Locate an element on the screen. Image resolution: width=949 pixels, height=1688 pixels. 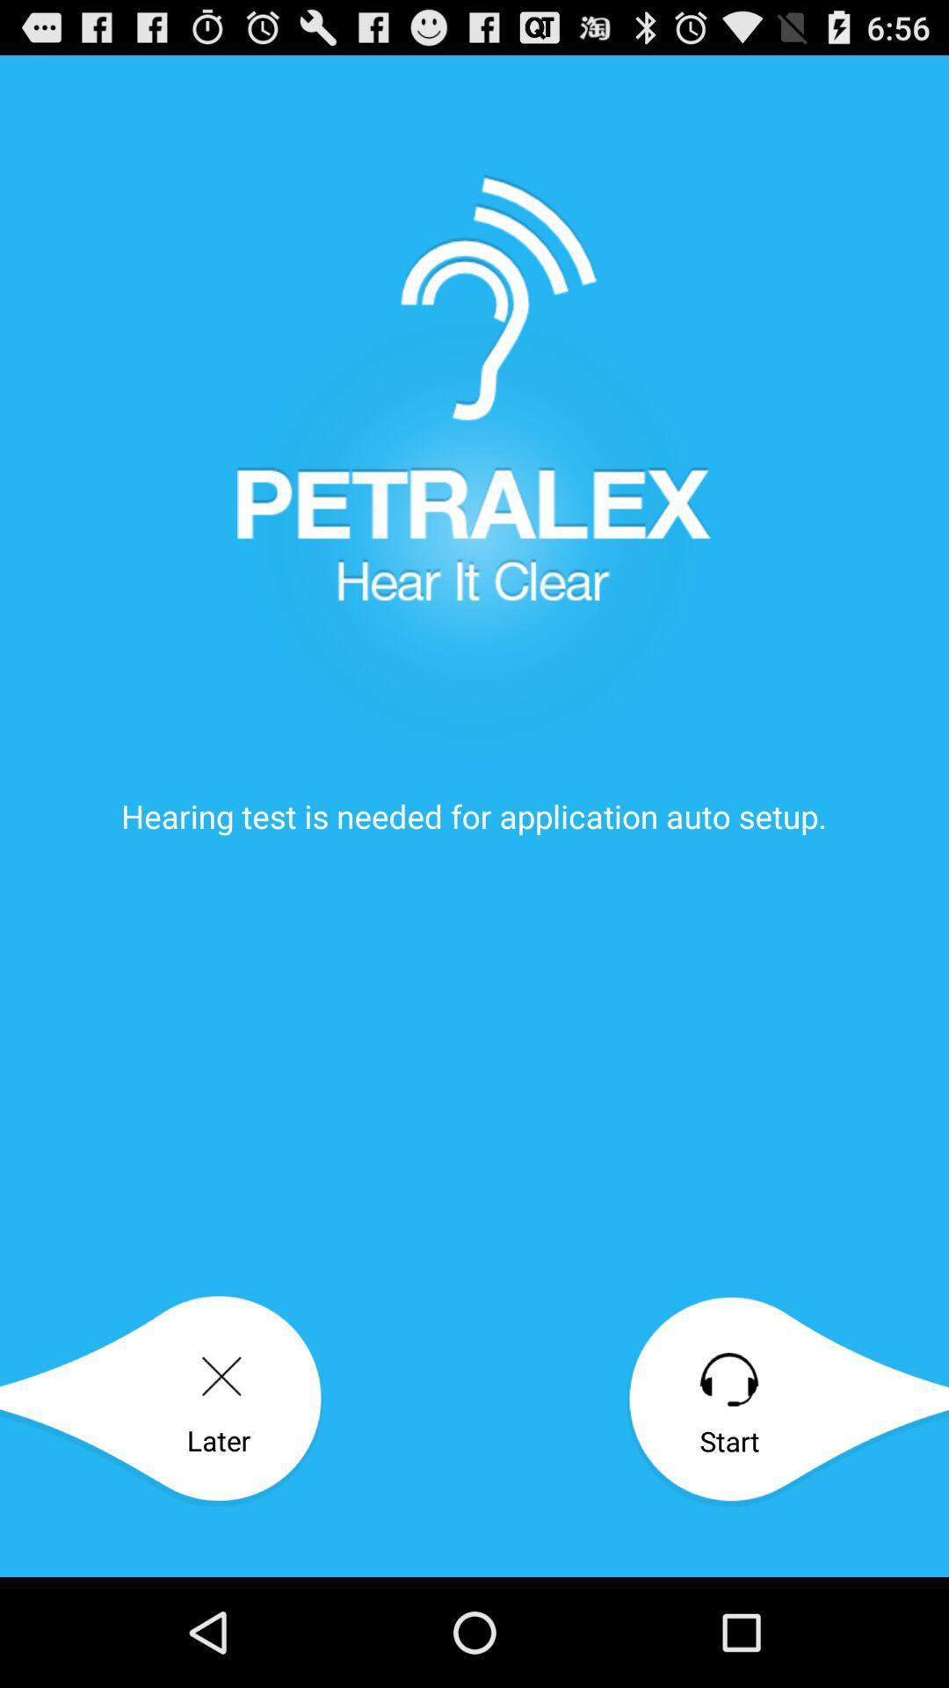
item at the bottom right corner is located at coordinates (786, 1401).